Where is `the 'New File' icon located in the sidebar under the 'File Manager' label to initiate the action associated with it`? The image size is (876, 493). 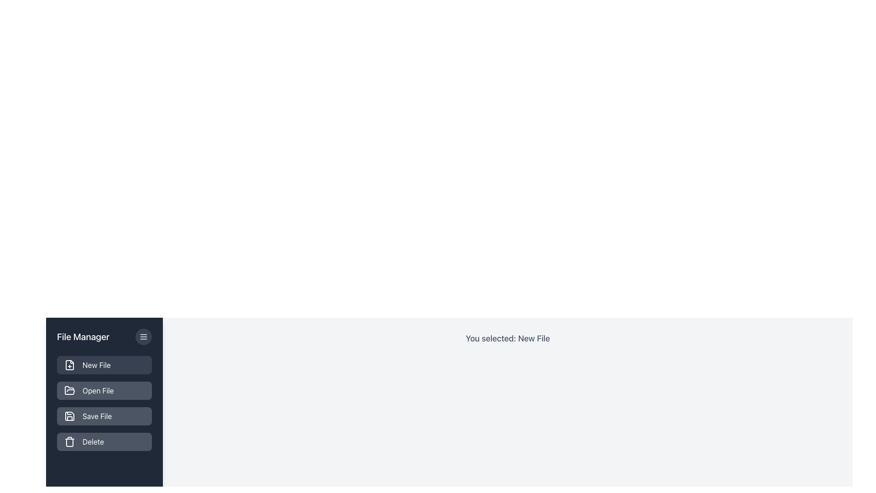
the 'New File' icon located in the sidebar under the 'File Manager' label to initiate the action associated with it is located at coordinates (69, 364).